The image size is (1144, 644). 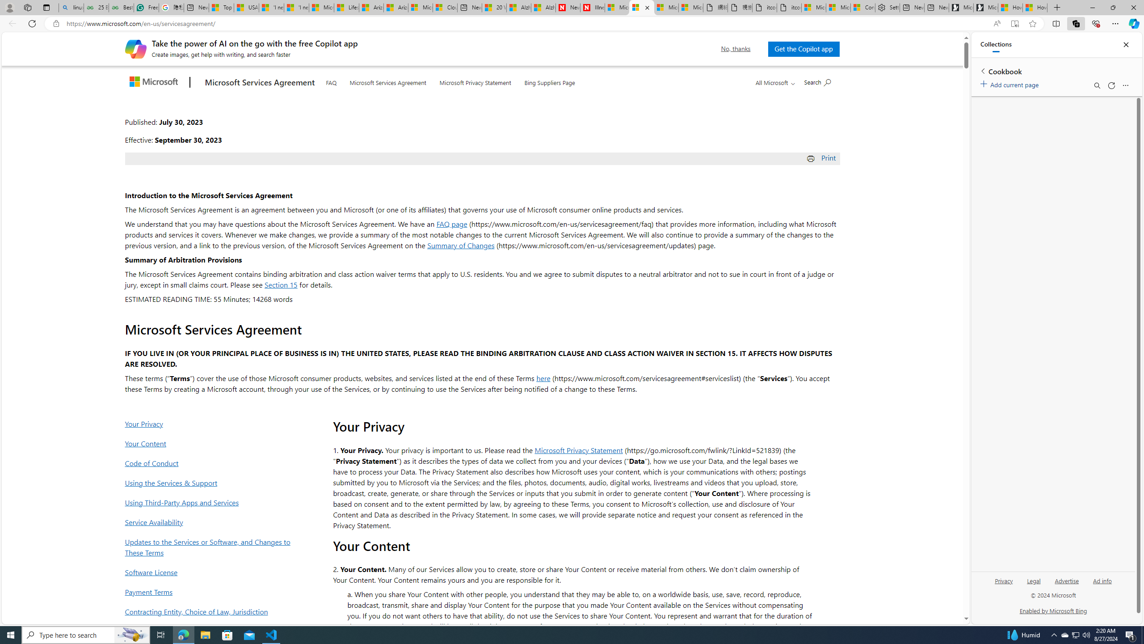 I want to click on 'Microsoft Privacy Statement', so click(x=475, y=80).